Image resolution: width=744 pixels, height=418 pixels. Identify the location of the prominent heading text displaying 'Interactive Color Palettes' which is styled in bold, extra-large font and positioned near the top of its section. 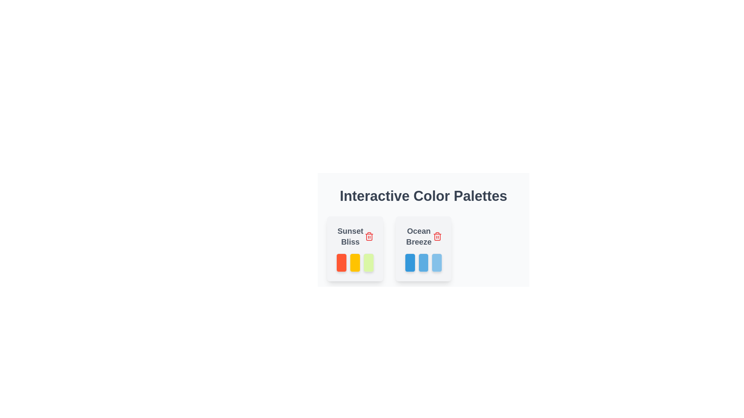
(423, 195).